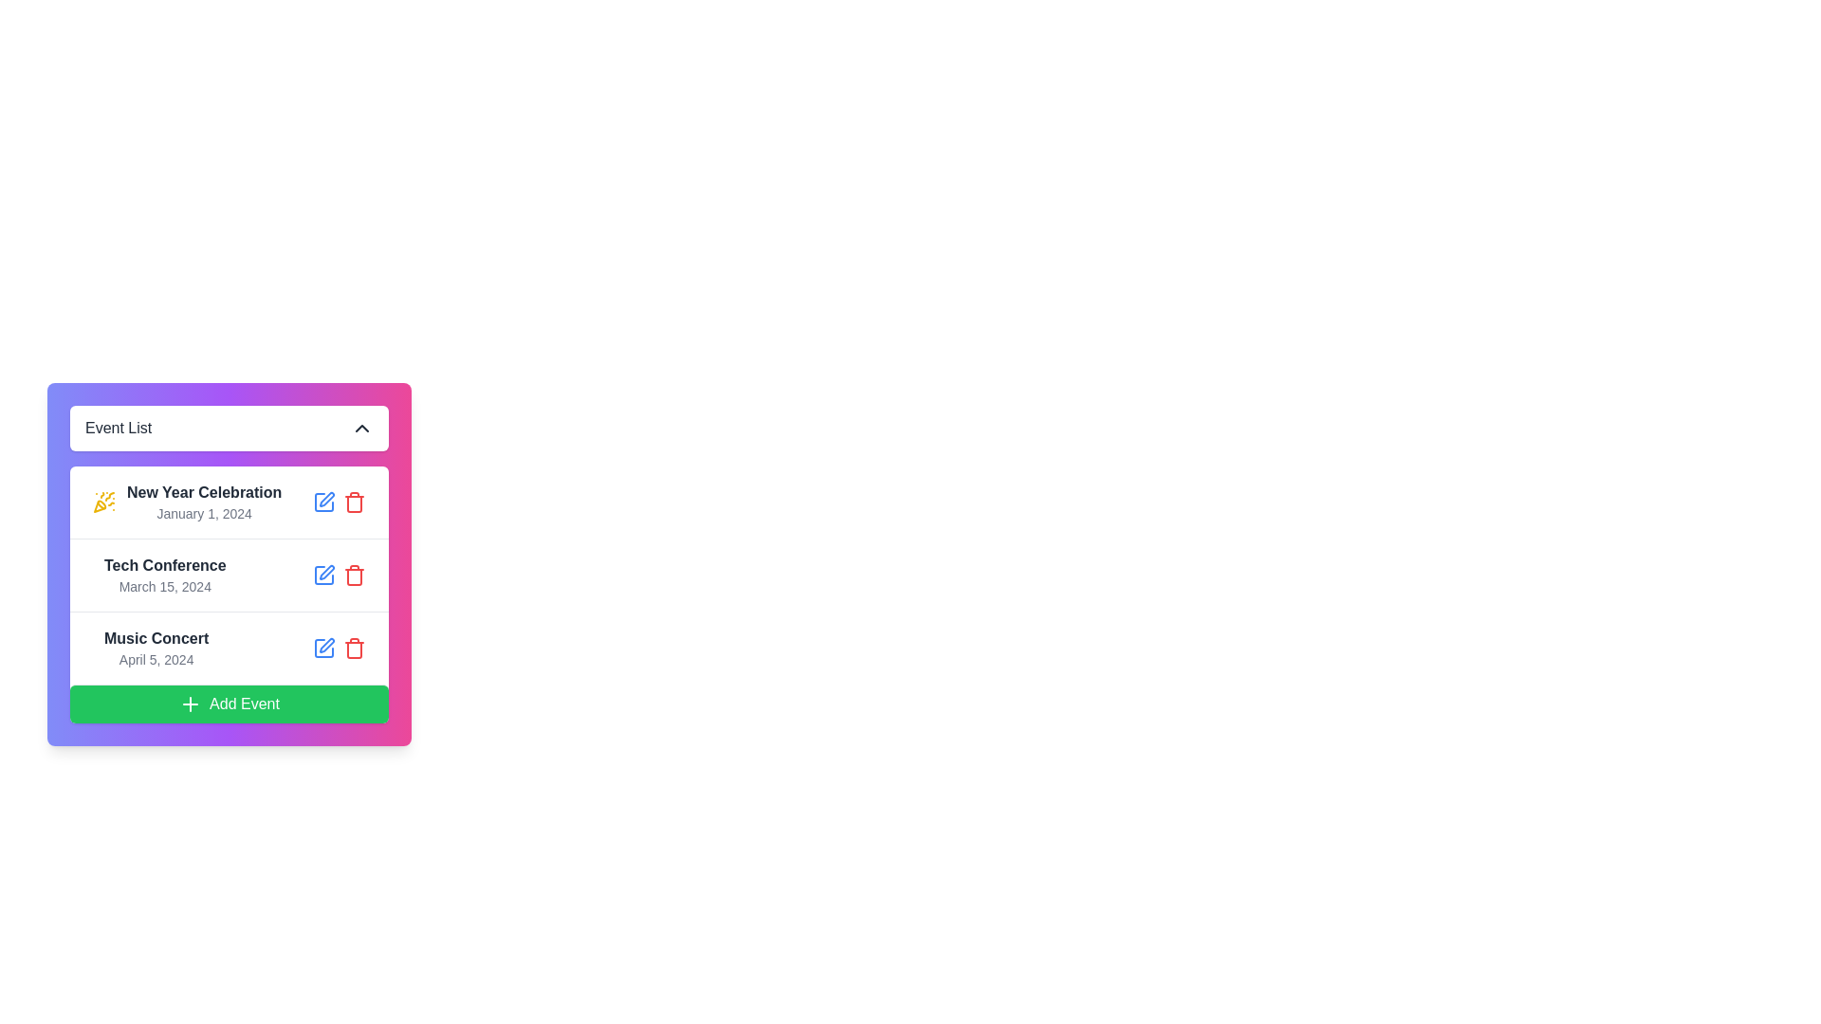  What do you see at coordinates (323, 574) in the screenshot?
I see `the blue pen icon button representing the edit functionality, located to the right of the 'Tech Conference' item` at bounding box center [323, 574].